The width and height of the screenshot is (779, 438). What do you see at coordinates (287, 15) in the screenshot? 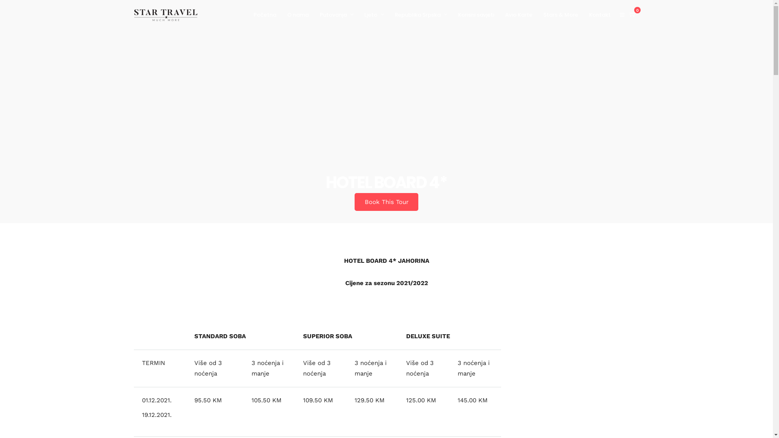
I see `'O nama'` at bounding box center [287, 15].